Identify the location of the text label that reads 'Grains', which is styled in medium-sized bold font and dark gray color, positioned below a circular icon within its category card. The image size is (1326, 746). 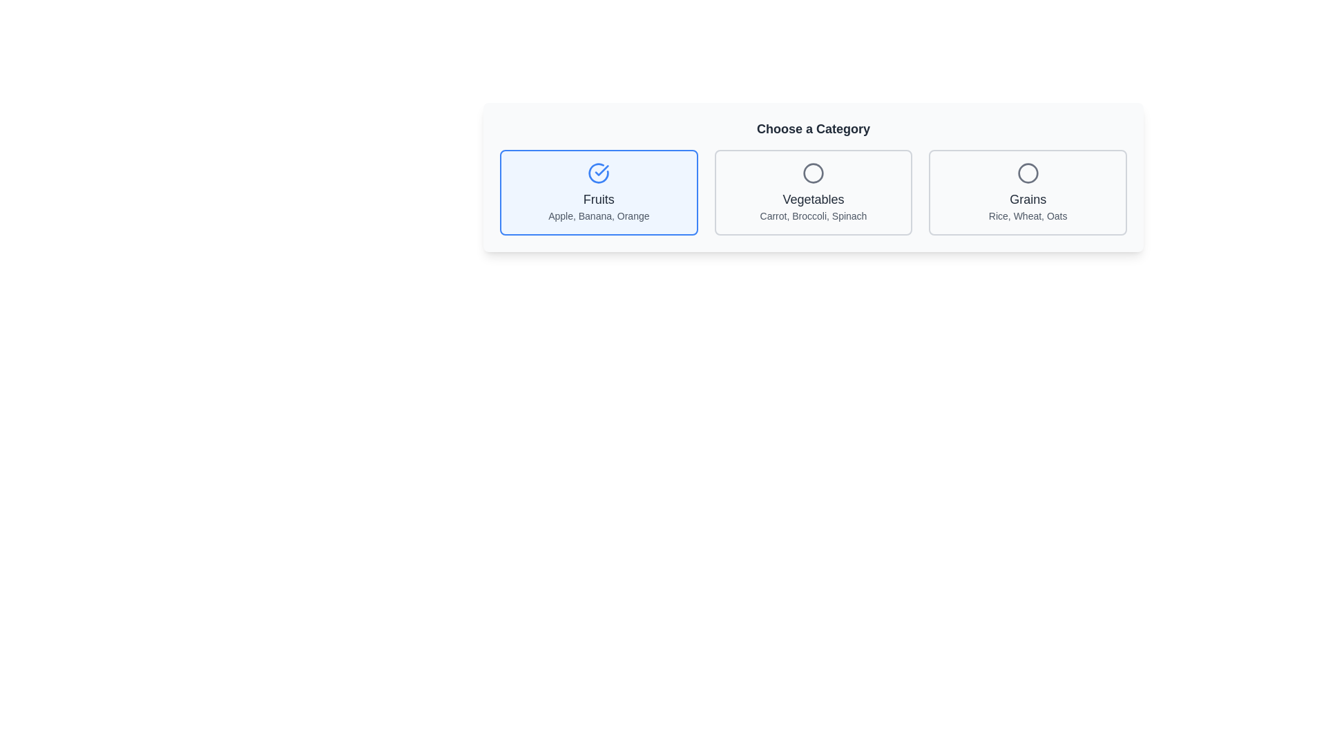
(1028, 200).